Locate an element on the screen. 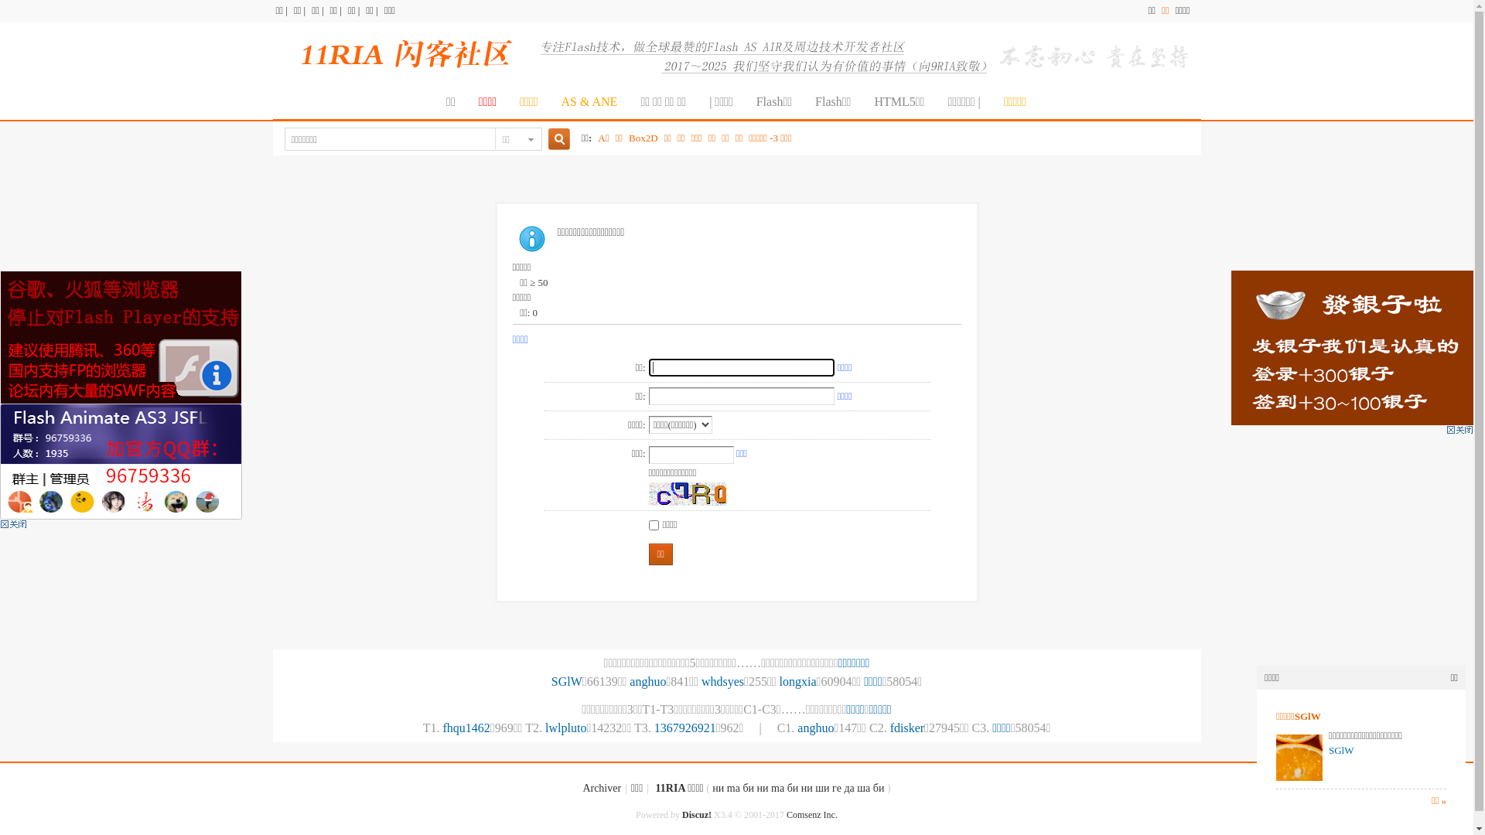 The image size is (1485, 835). 'Archiver' is located at coordinates (600, 788).